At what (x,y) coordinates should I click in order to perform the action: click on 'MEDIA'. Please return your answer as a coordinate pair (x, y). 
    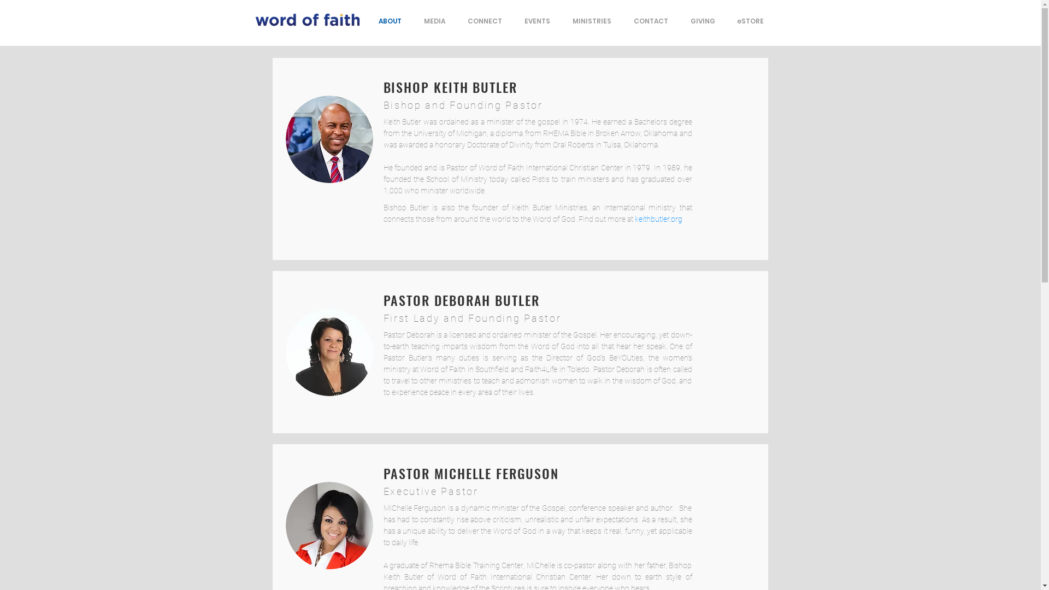
    Looking at the image, I should click on (434, 21).